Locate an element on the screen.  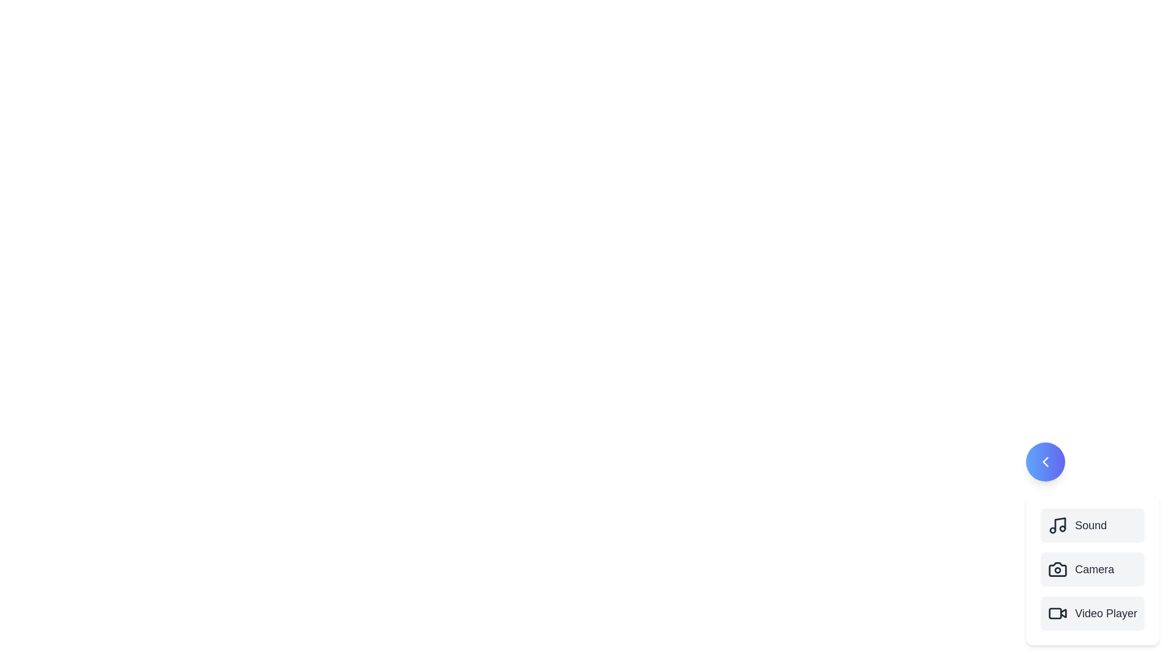
the 'Video Player' button in the multimedia menu is located at coordinates (1093, 613).